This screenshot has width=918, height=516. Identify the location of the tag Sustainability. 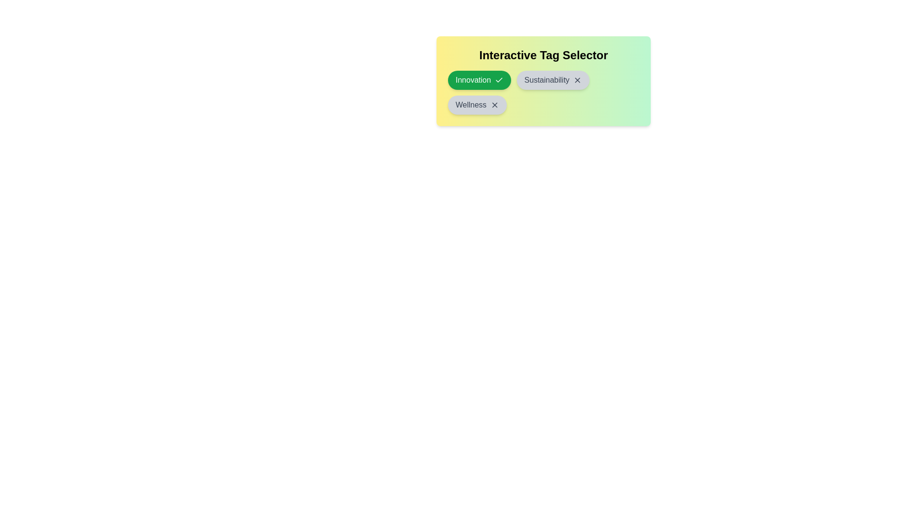
(553, 80).